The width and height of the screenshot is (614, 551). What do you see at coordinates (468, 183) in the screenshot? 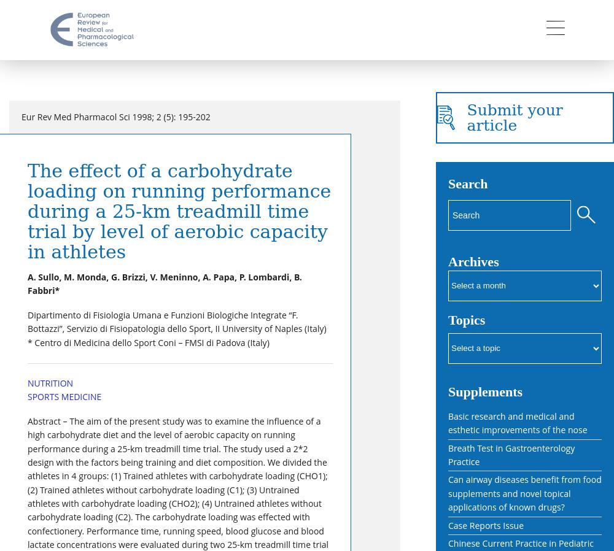
I see `'Search'` at bounding box center [468, 183].